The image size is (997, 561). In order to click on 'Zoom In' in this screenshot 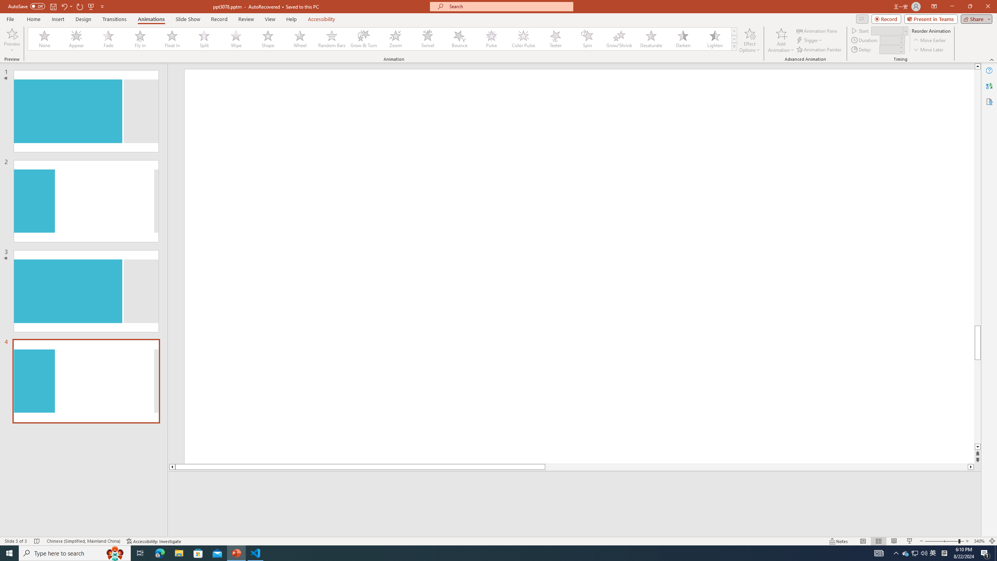, I will do `click(967, 541)`.